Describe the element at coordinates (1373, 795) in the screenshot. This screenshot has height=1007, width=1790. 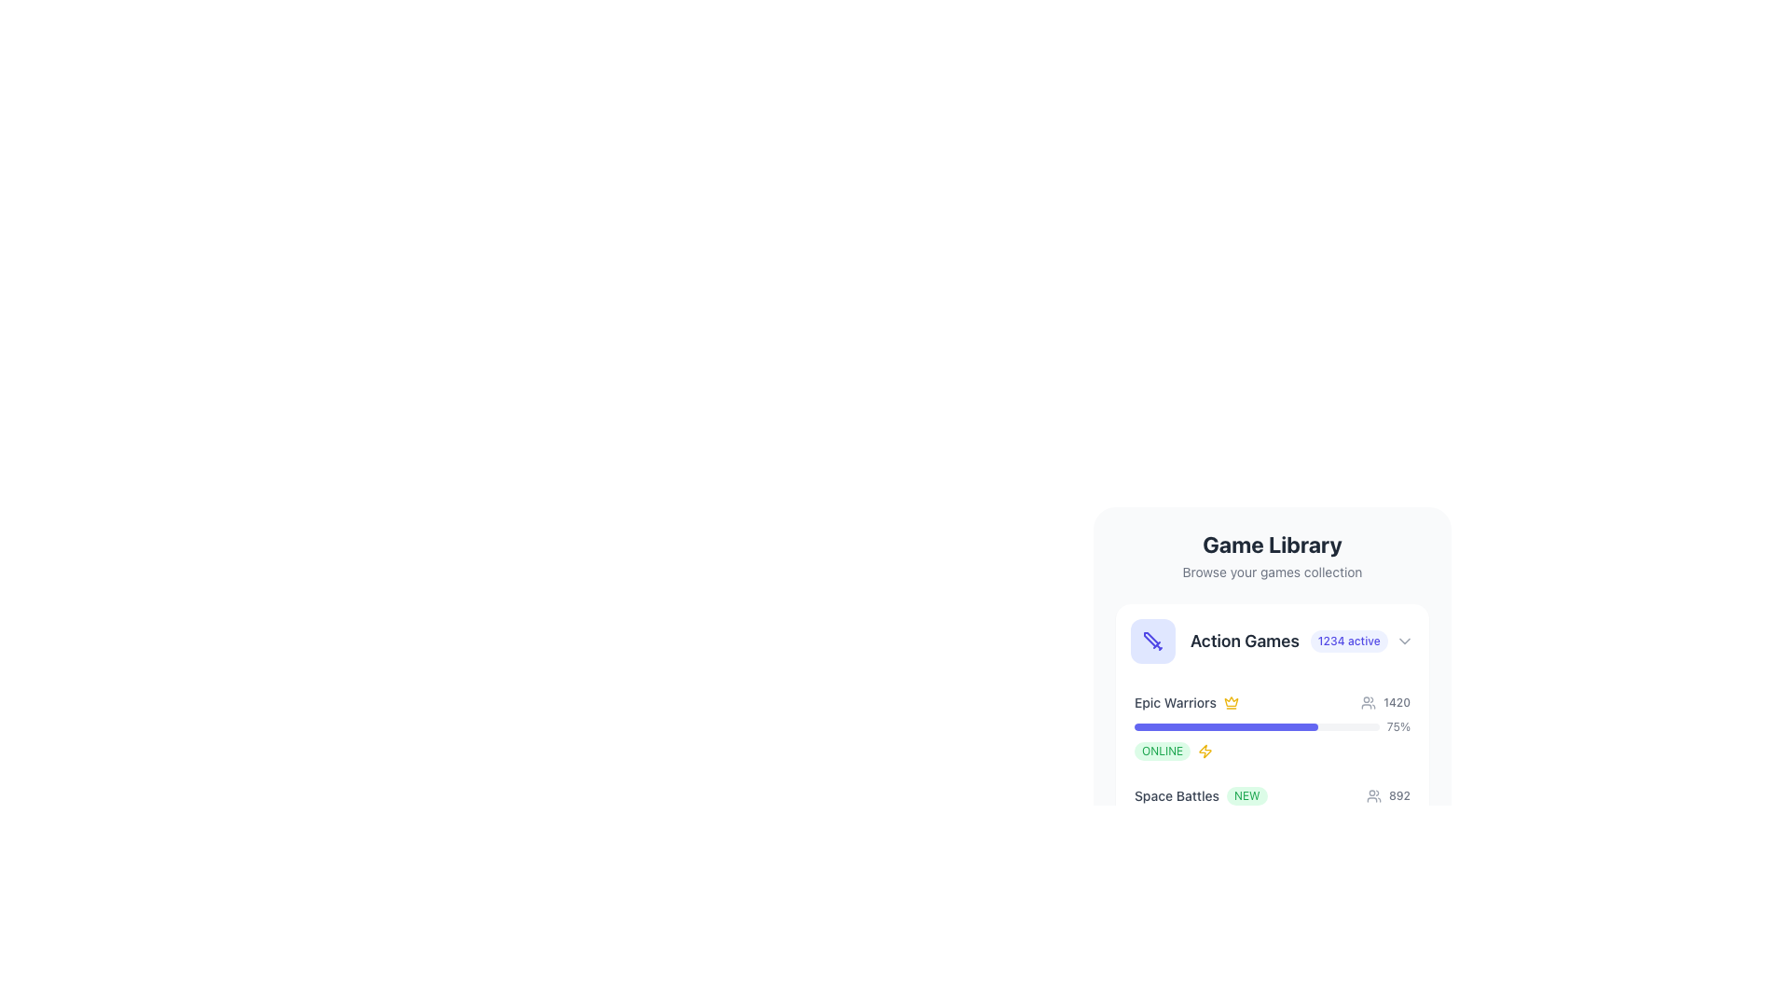
I see `the user group icon located in the right section of the interface, beneath the 'Space Battles' text and next to the numeric value '892'` at that location.